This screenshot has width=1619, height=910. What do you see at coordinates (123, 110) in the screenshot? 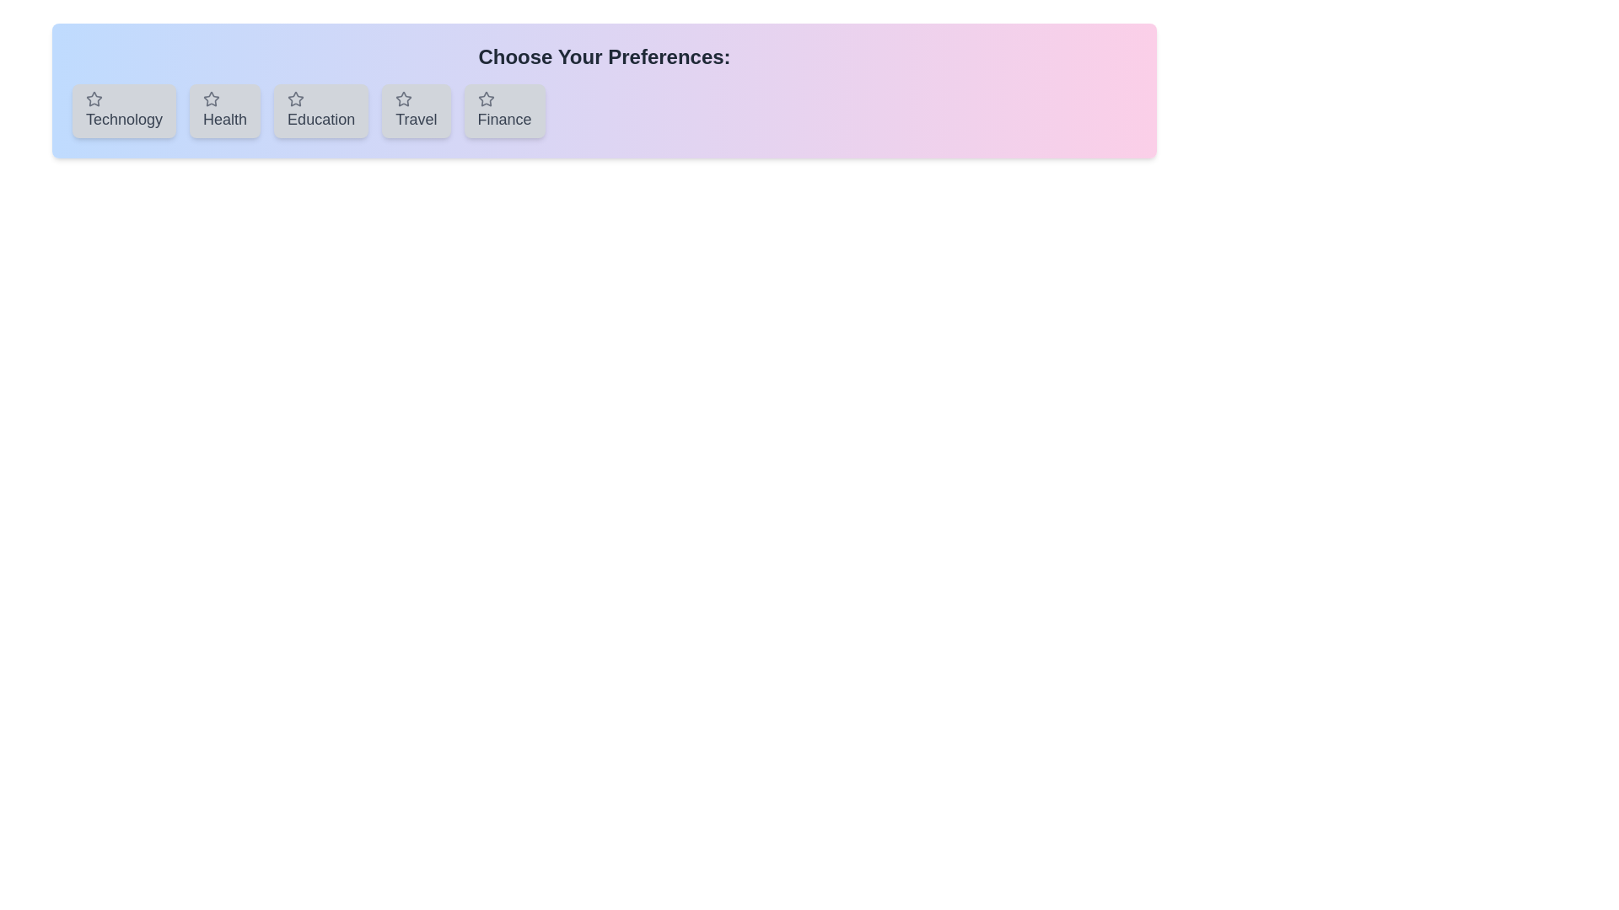
I see `the preference button labeled Technology to toggle its selection state` at bounding box center [123, 110].